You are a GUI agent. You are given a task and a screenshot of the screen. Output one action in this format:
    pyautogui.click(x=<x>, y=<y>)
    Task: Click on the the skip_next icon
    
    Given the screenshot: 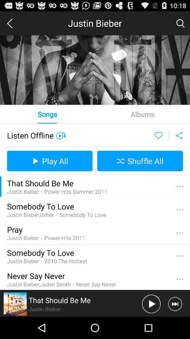 What is the action you would take?
    pyautogui.click(x=175, y=325)
    